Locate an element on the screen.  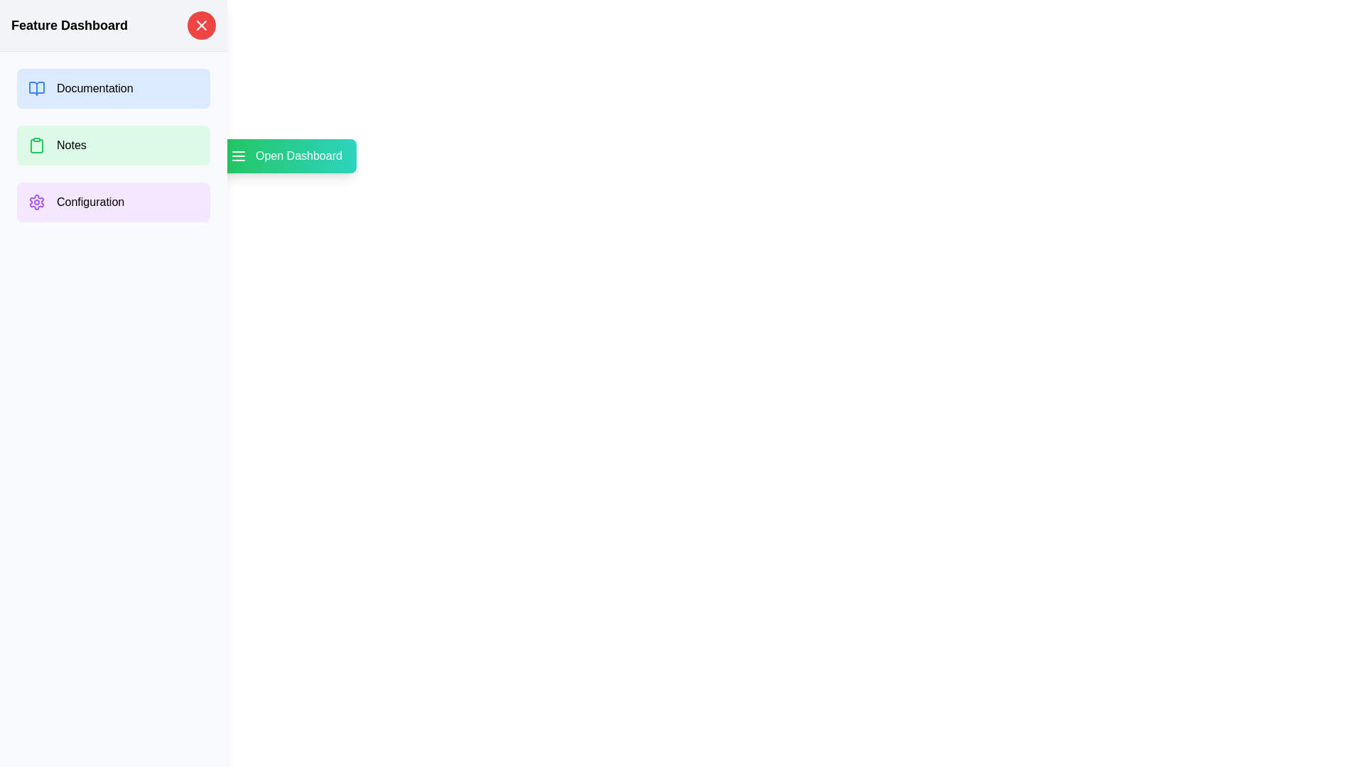
the button labeled 'Documentation' to observe its hover effect is located at coordinates (112, 88).